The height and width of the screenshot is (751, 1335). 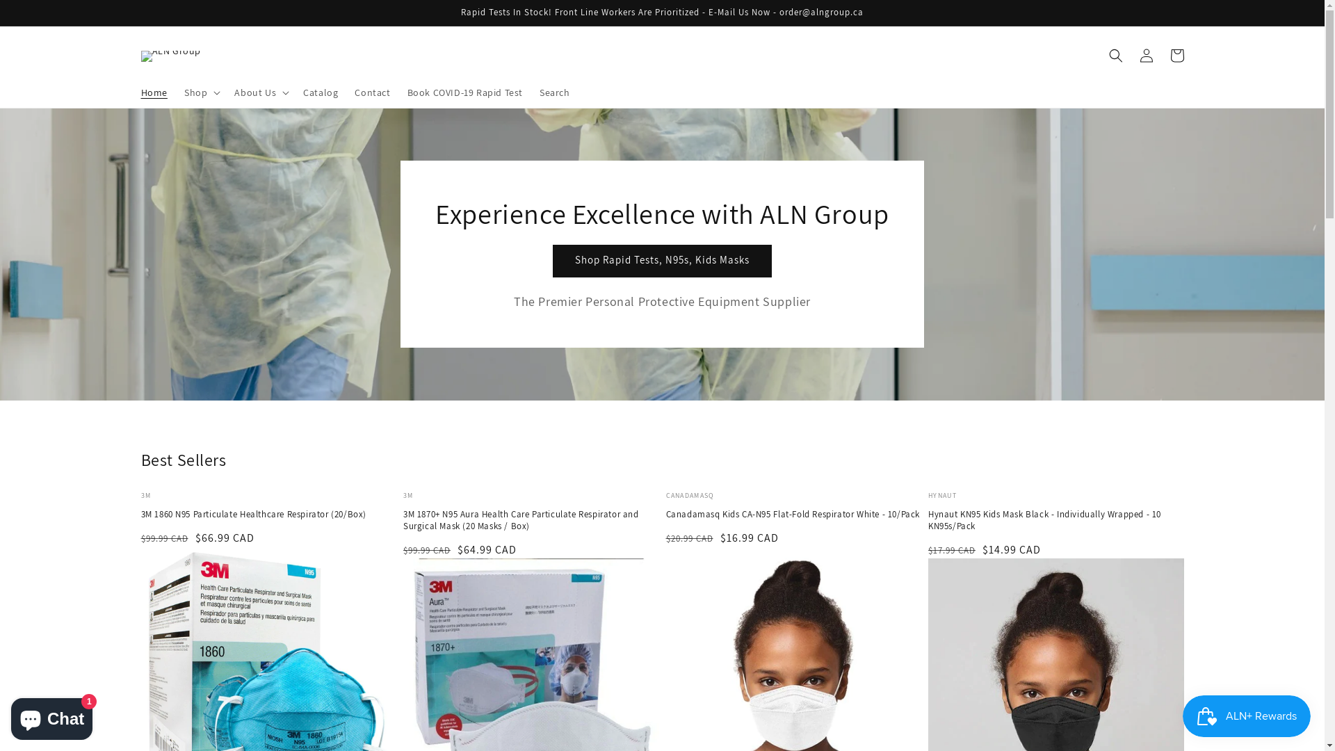 I want to click on 'Canadamasq Kids CA-N95 Flat-Fold Respirator White - 10/Pack', so click(x=794, y=515).